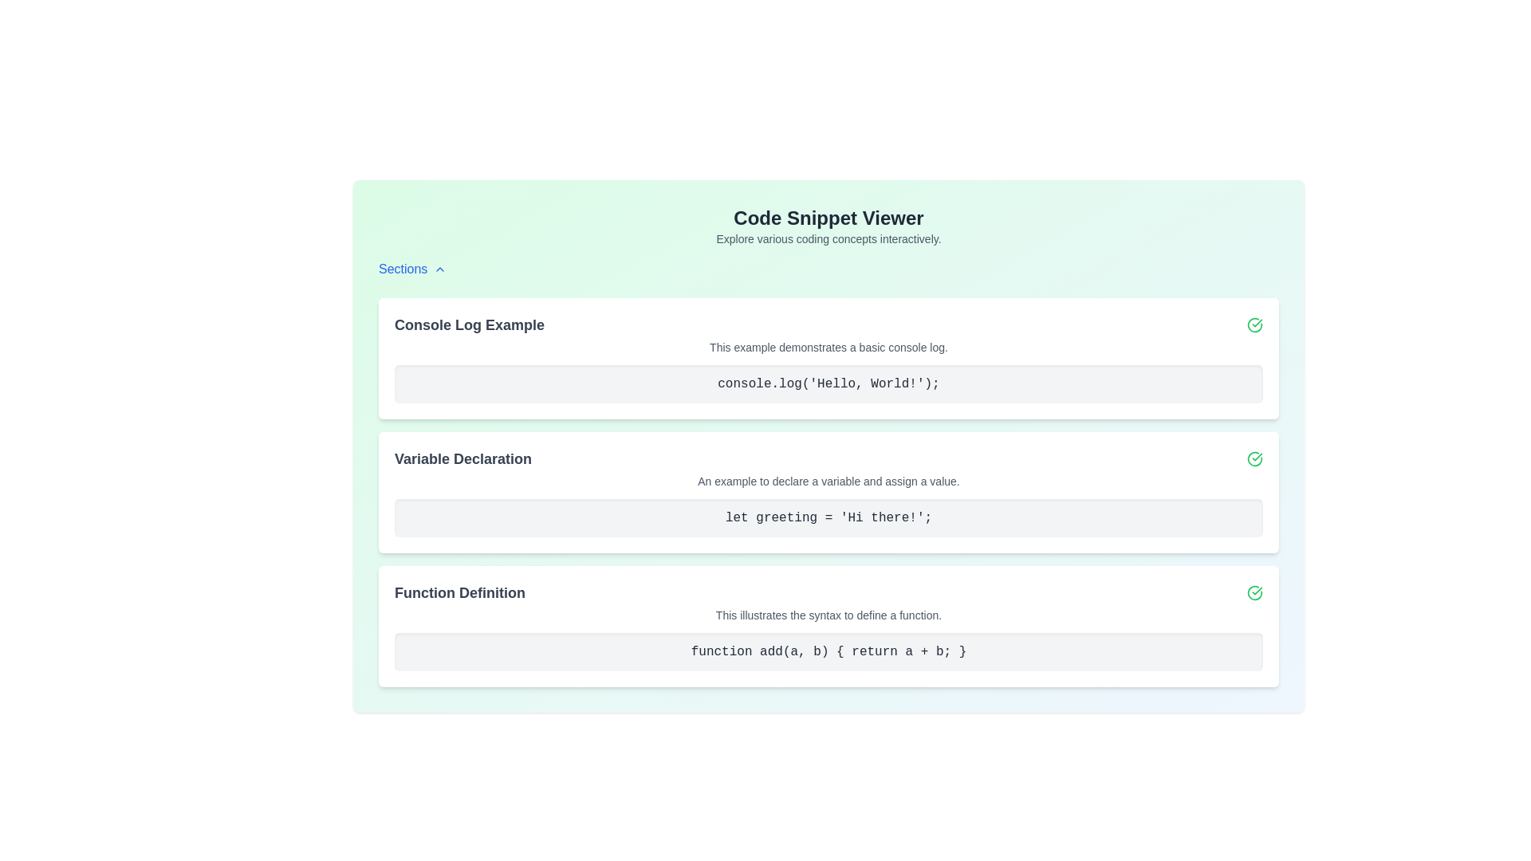 The image size is (1531, 861). I want to click on the positive status icon located on the right side of the 'Variable Declaration' section by clicking on it indirectly through associated components, so click(1254, 458).